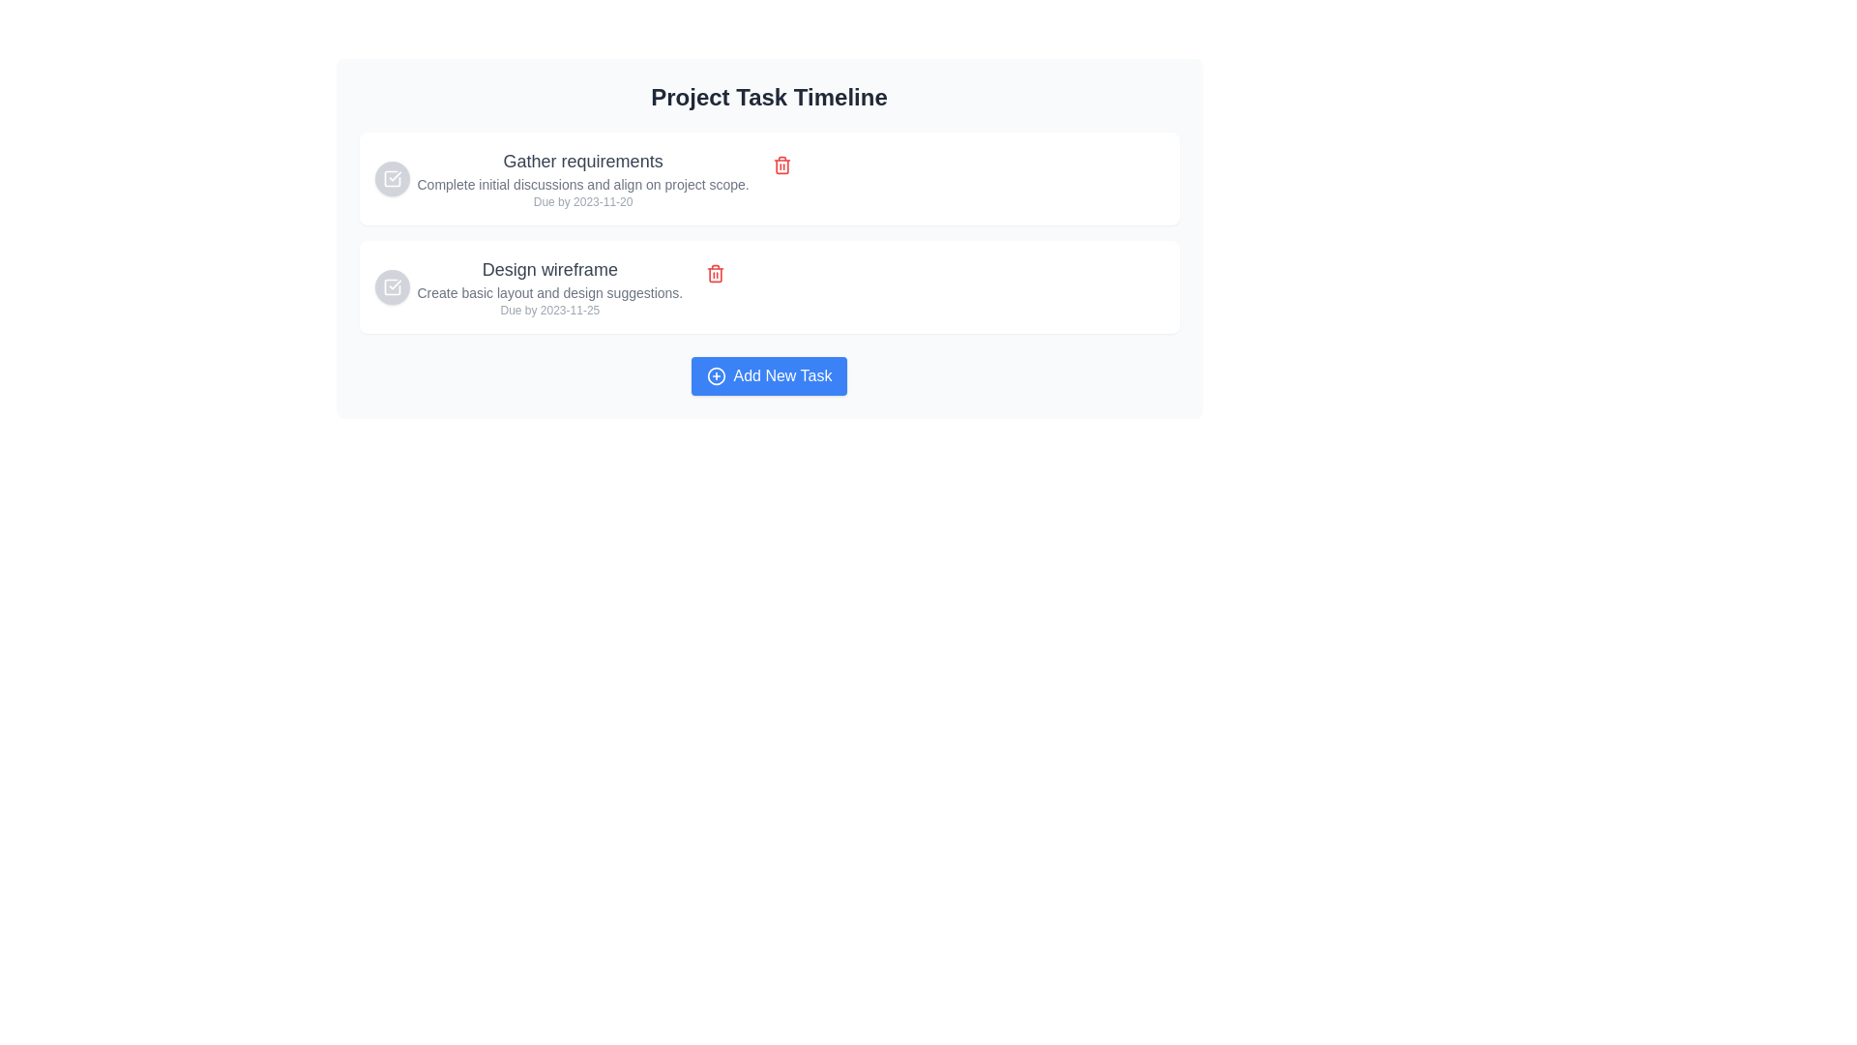  I want to click on the Task Information Block containing the heading 'Gather requirements', so click(582, 179).